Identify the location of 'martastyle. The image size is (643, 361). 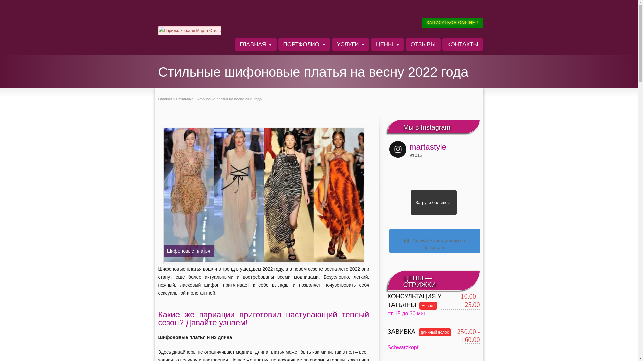
(417, 147).